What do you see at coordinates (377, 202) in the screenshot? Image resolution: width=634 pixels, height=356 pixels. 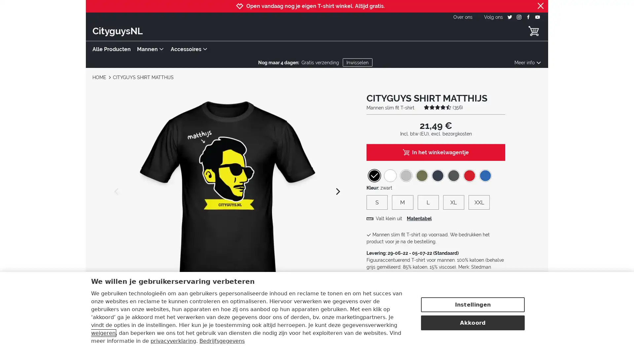 I see `S` at bounding box center [377, 202].